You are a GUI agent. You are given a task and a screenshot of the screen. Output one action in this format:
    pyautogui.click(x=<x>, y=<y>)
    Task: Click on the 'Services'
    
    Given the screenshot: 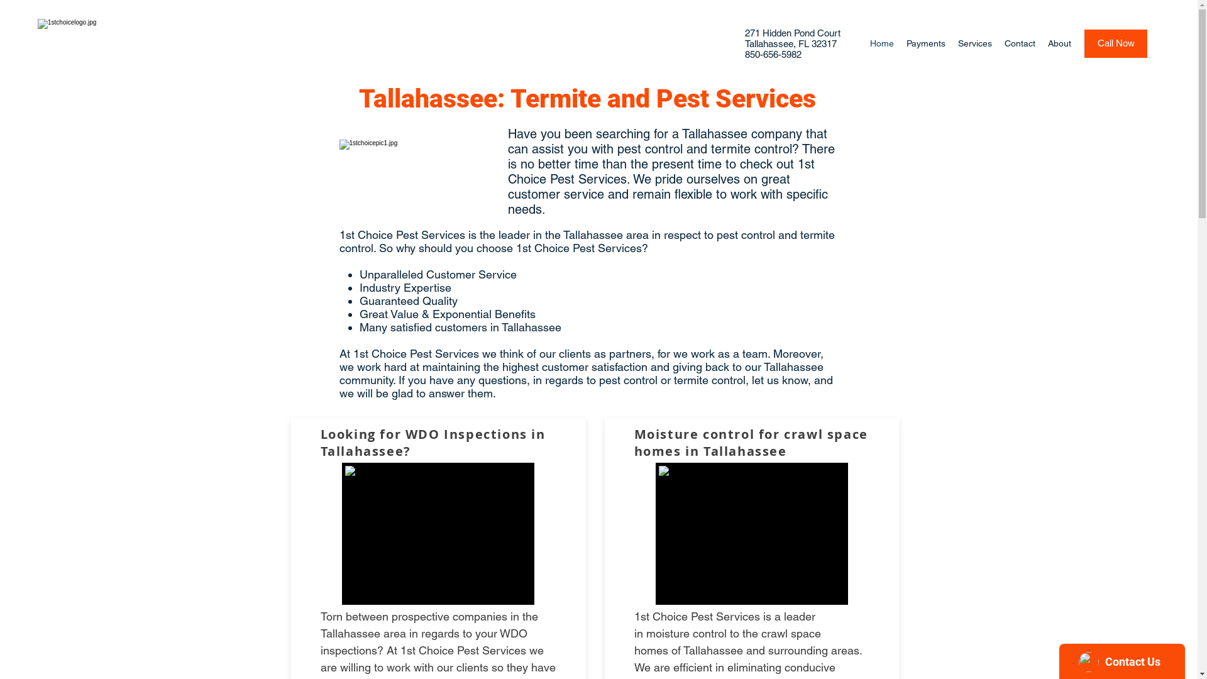 What is the action you would take?
    pyautogui.click(x=974, y=43)
    